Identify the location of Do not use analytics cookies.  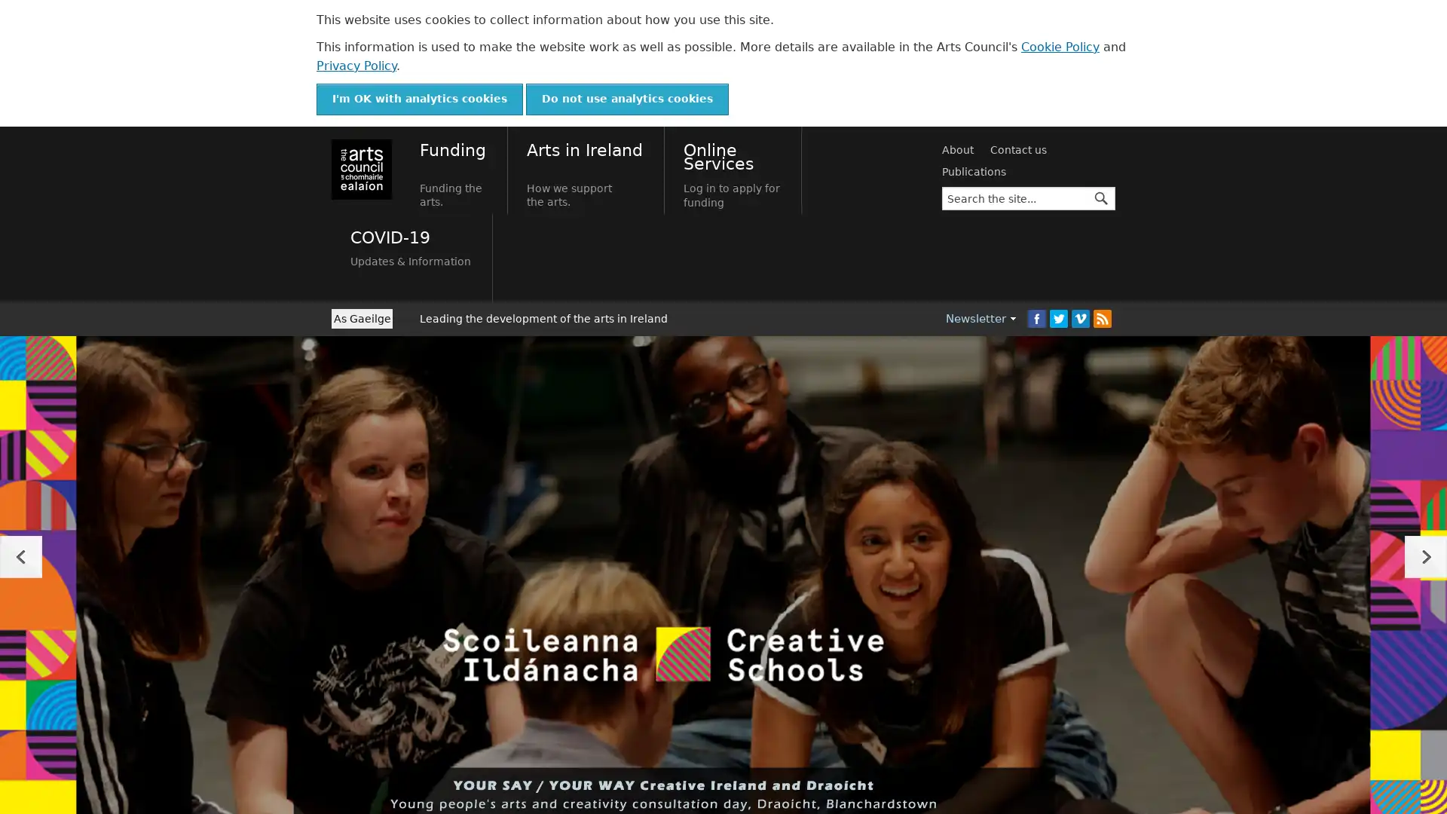
(627, 99).